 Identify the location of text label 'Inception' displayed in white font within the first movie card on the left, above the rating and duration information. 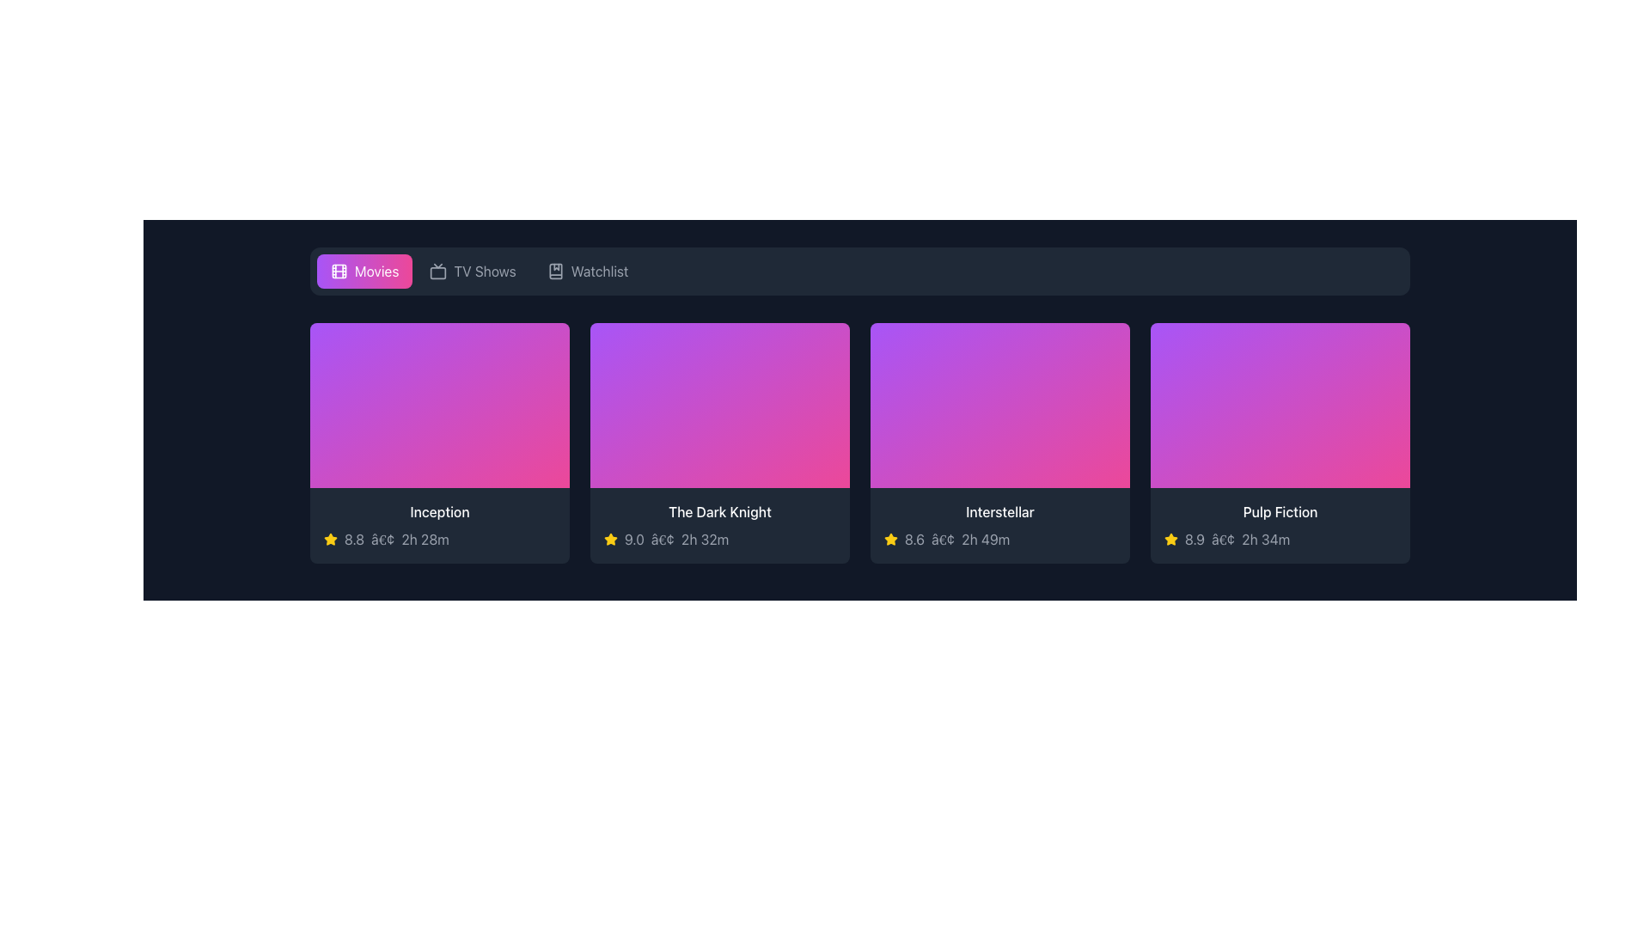
(440, 511).